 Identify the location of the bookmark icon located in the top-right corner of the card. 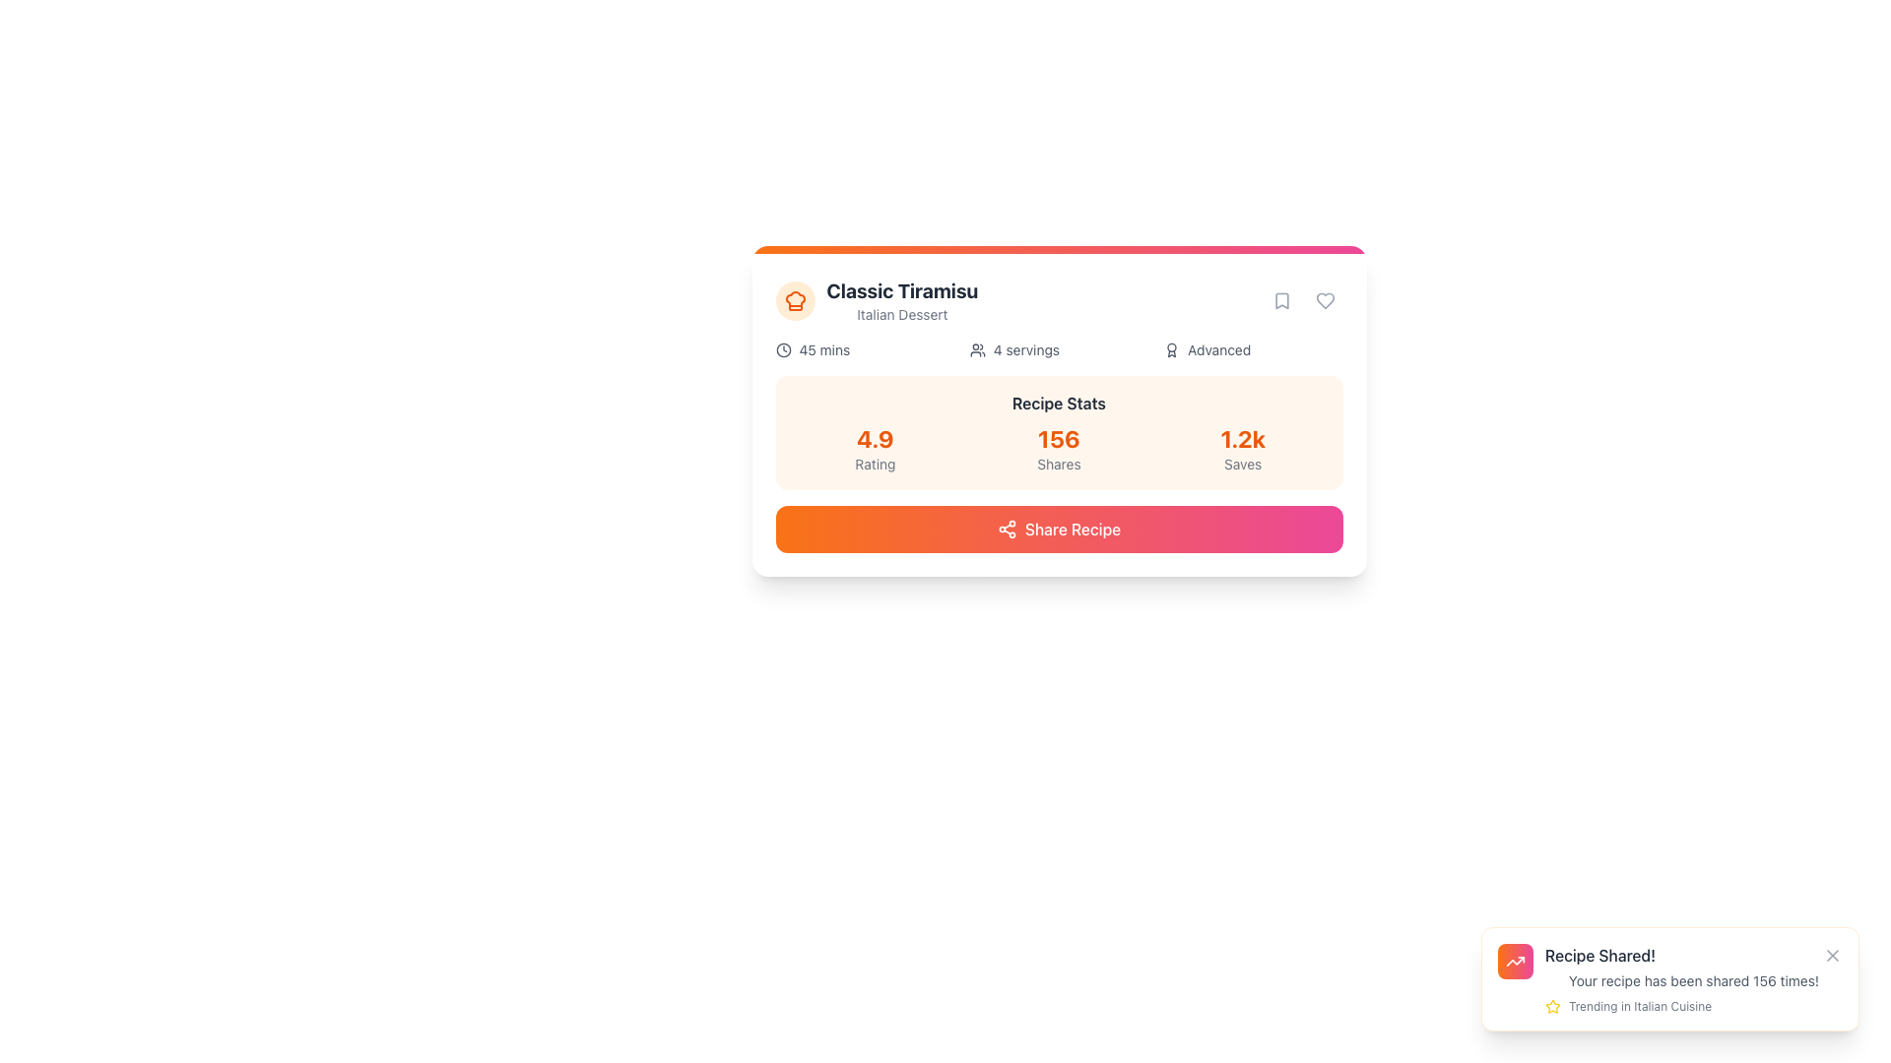
(1281, 300).